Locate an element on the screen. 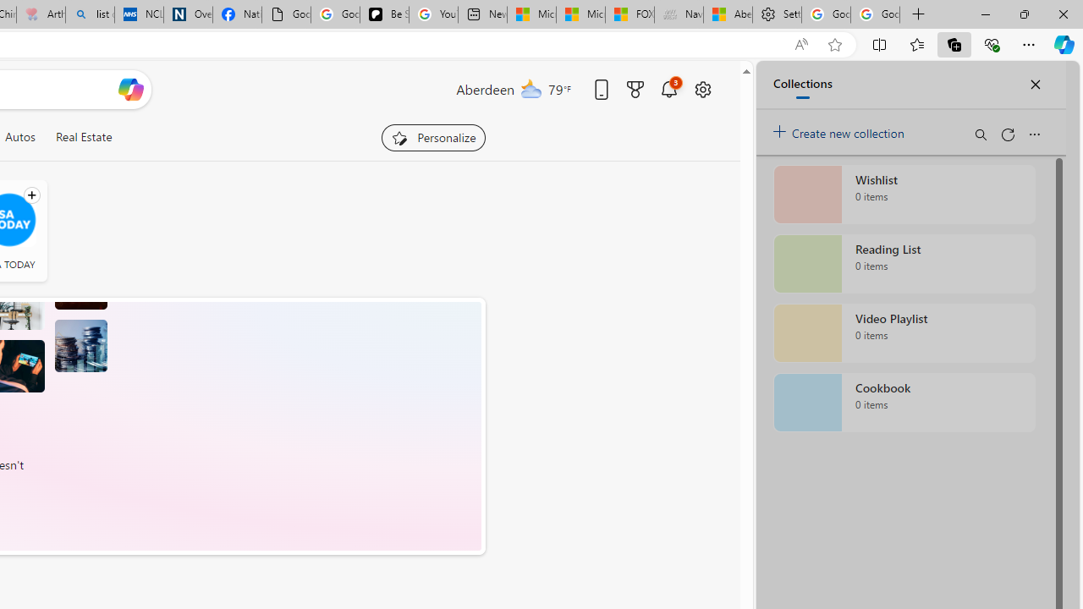 The height and width of the screenshot is (609, 1083). 'Google Analytics Opt-out Browser Add-on Download Page' is located at coordinates (286, 14).